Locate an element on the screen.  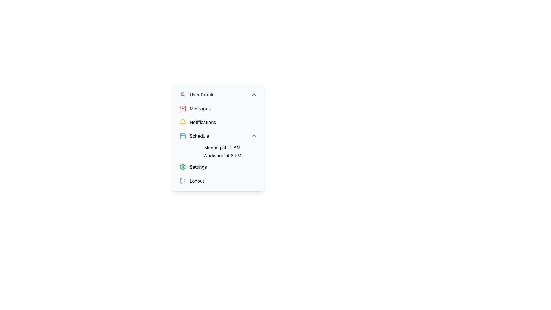
the second menu list item labeled 'Messages', located below 'User Profile' and above 'Notifications' is located at coordinates (218, 108).